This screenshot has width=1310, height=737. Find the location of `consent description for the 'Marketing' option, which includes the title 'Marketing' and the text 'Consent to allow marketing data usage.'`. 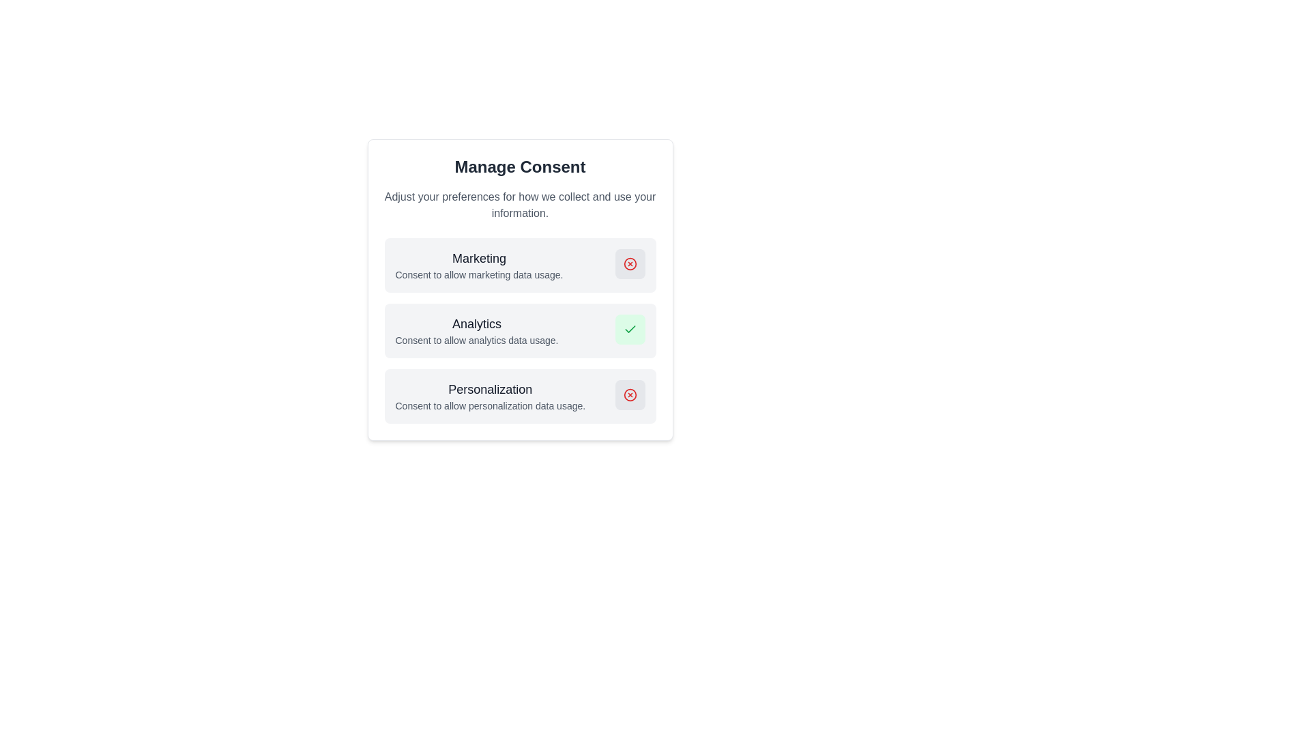

consent description for the 'Marketing' option, which includes the title 'Marketing' and the text 'Consent to allow marketing data usage.' is located at coordinates (519, 265).